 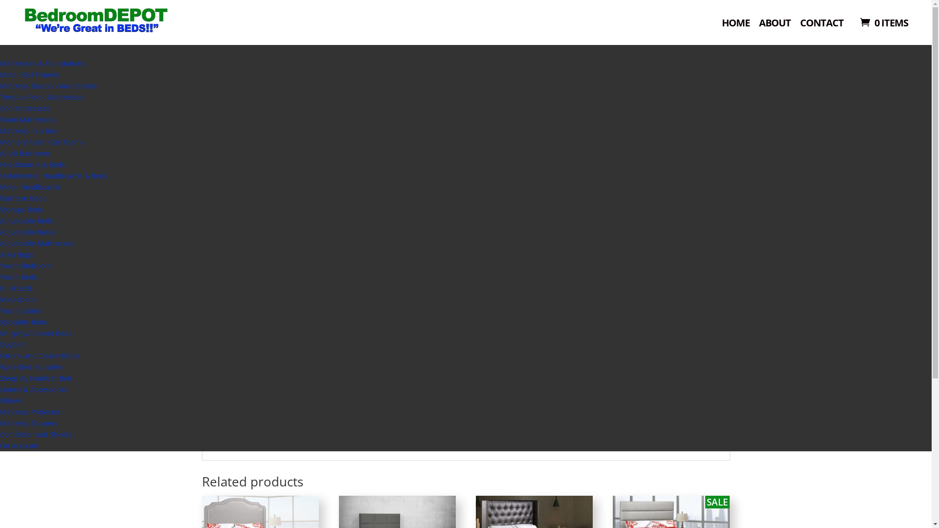 What do you see at coordinates (514, 310) in the screenshot?
I see `'Description'` at bounding box center [514, 310].